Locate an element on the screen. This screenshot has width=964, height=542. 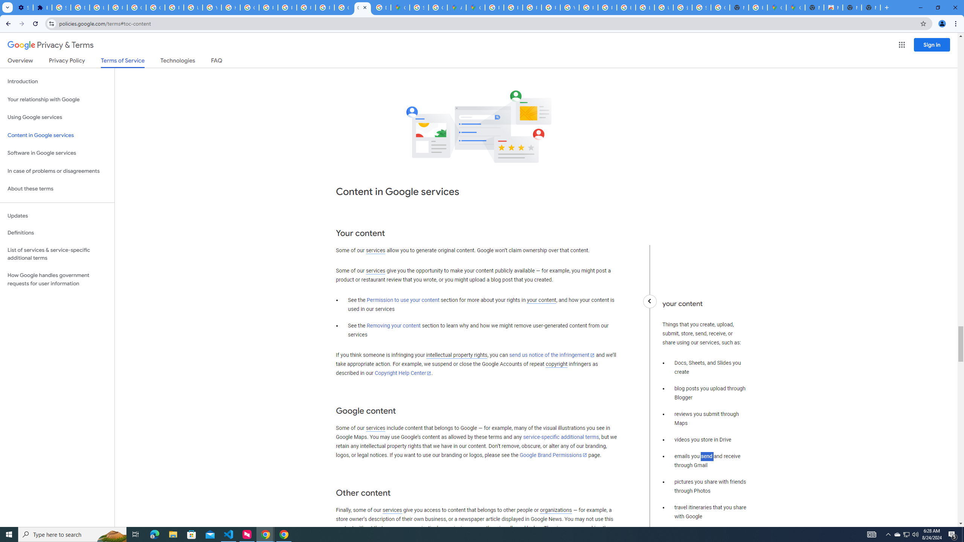
'FAQ' is located at coordinates (217, 62).